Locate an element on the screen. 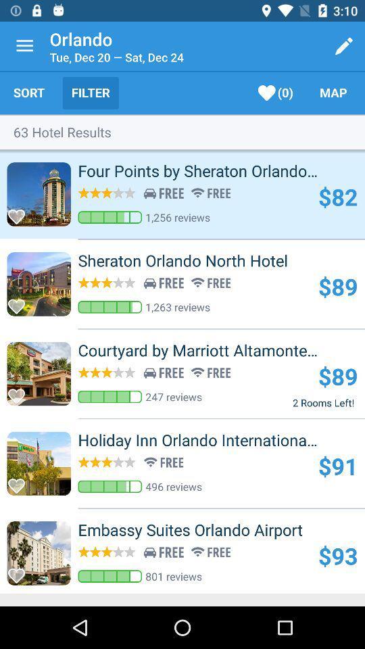 The image size is (365, 649). the icon next to 247 reviews item is located at coordinates (322, 402).